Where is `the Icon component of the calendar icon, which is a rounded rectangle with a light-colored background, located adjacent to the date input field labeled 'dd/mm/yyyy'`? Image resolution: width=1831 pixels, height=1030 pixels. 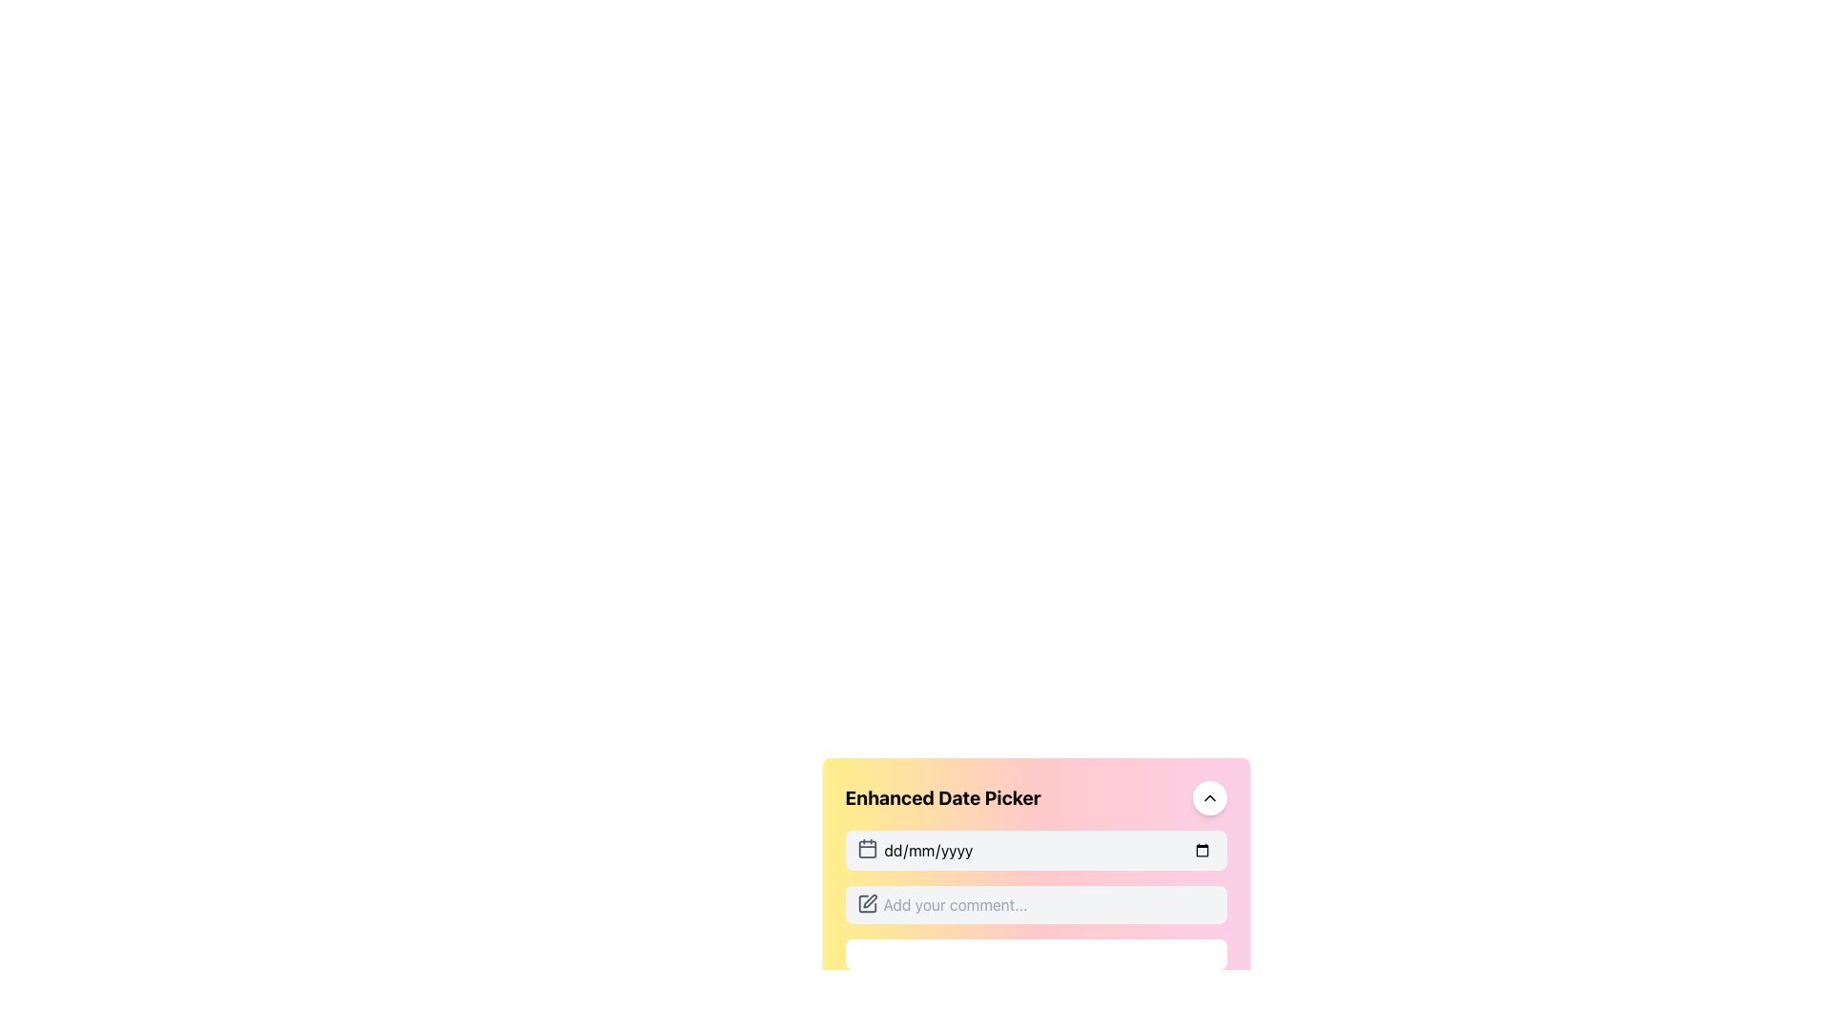 the Icon component of the calendar icon, which is a rounded rectangle with a light-colored background, located adjacent to the date input field labeled 'dd/mm/yyyy' is located at coordinates (866, 848).